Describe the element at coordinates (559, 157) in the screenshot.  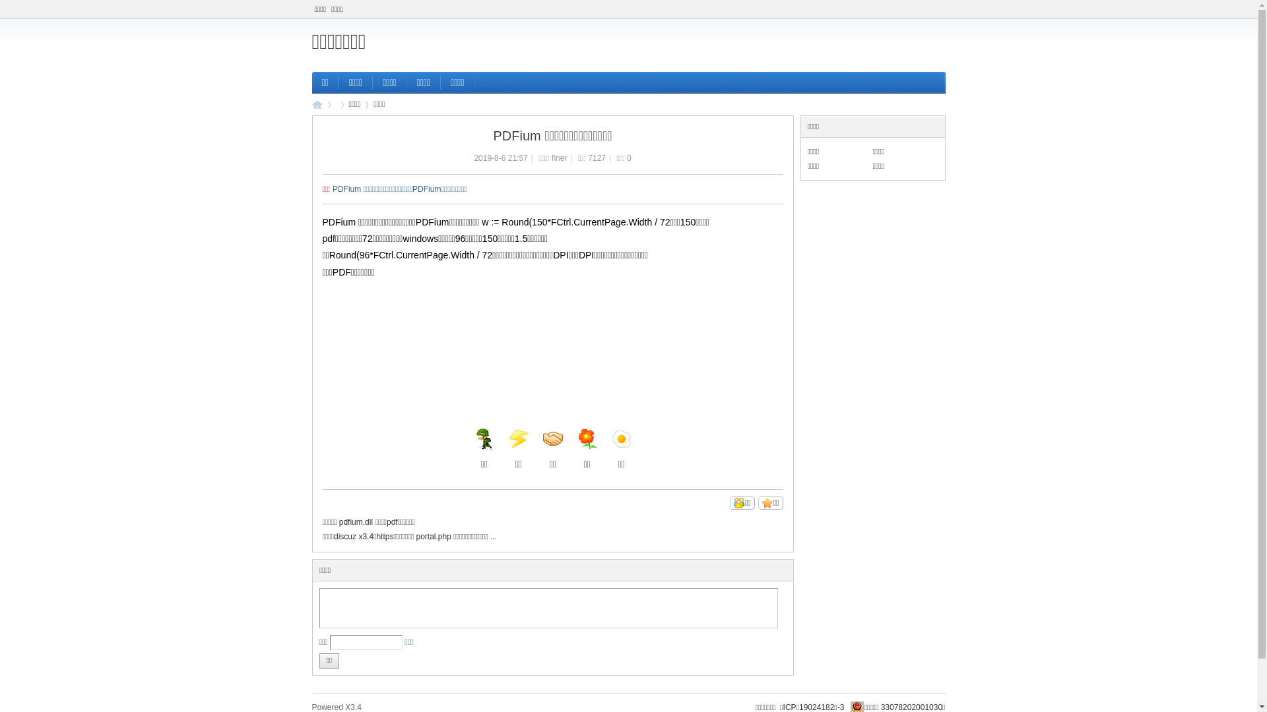
I see `'finer'` at that location.